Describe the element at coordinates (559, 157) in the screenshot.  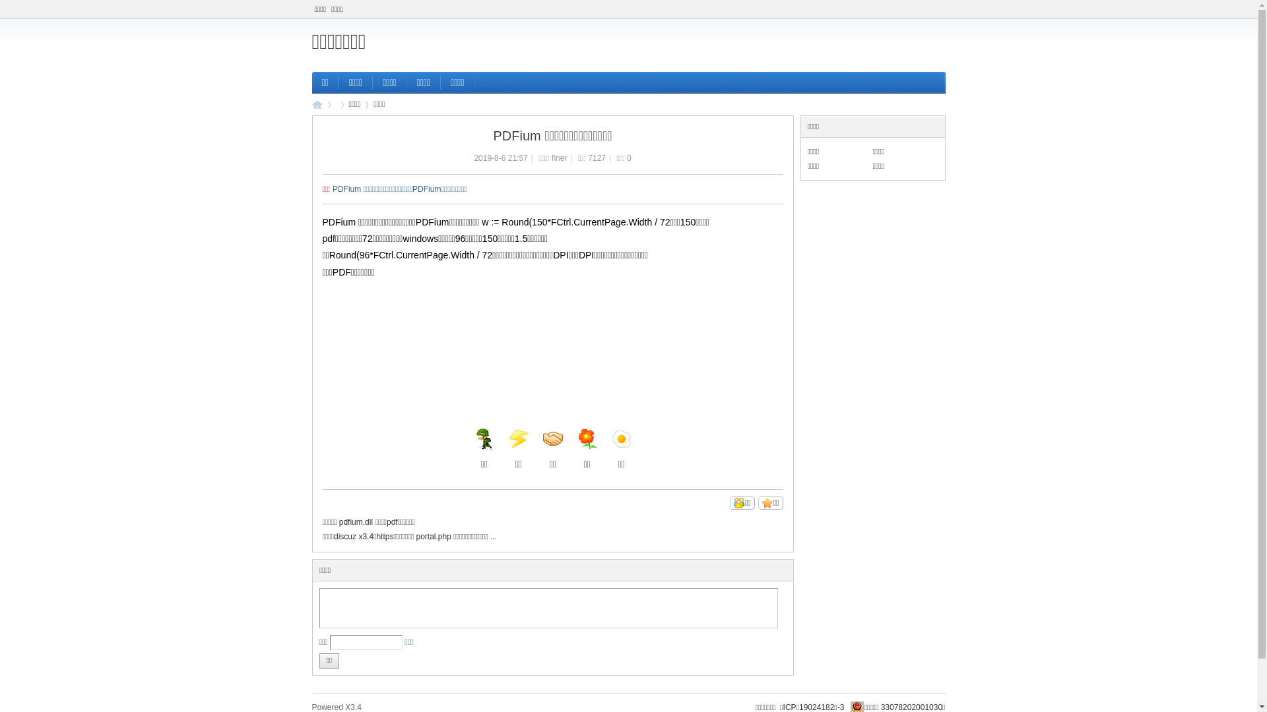
I see `'finer'` at that location.